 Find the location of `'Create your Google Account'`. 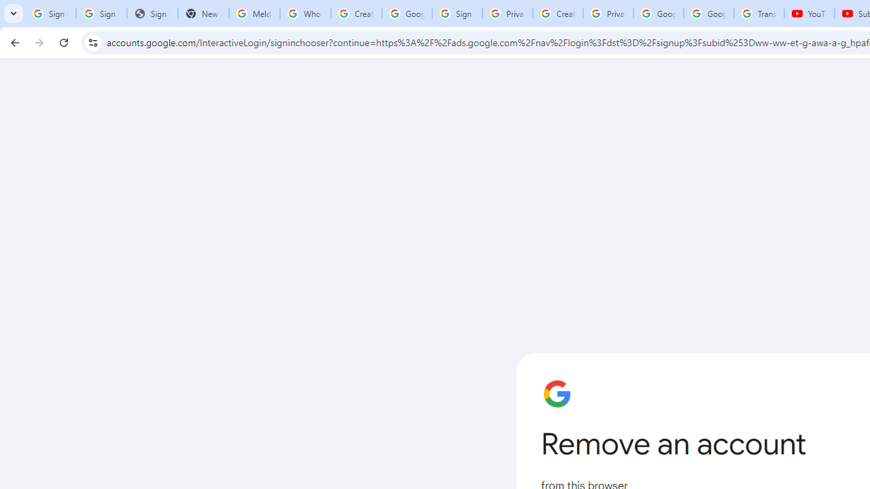

'Create your Google Account' is located at coordinates (557, 14).